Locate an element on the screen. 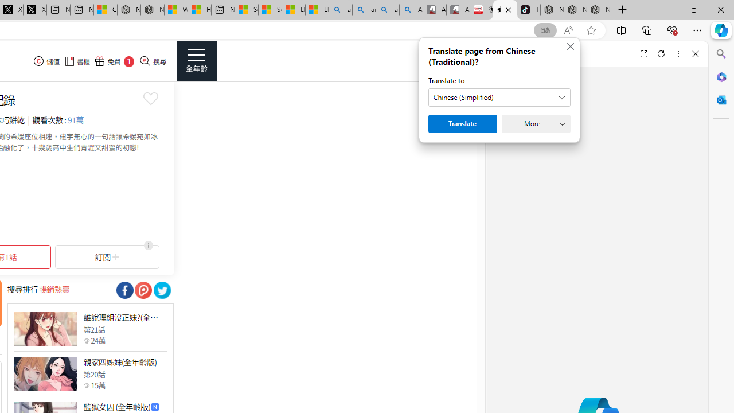 Image resolution: width=734 pixels, height=413 pixels. 'Outlook' is located at coordinates (721, 99).